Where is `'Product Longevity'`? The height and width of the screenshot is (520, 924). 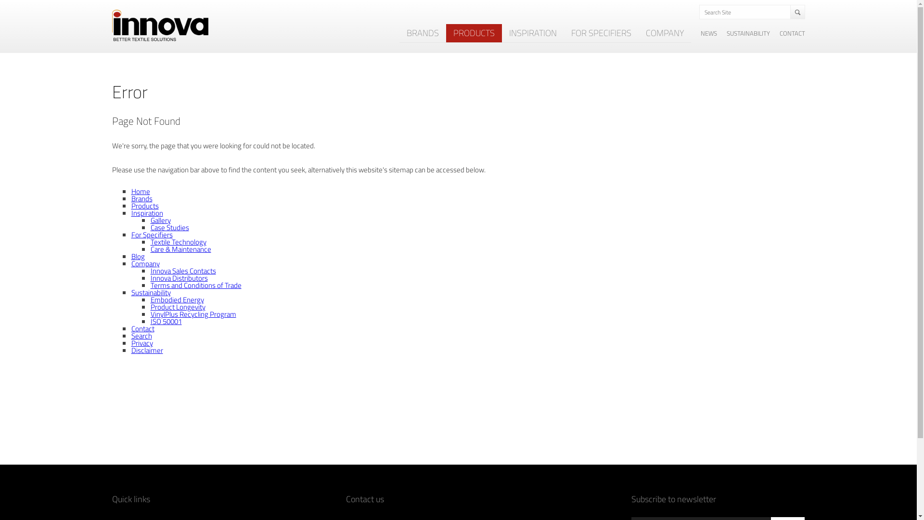
'Product Longevity' is located at coordinates (178, 307).